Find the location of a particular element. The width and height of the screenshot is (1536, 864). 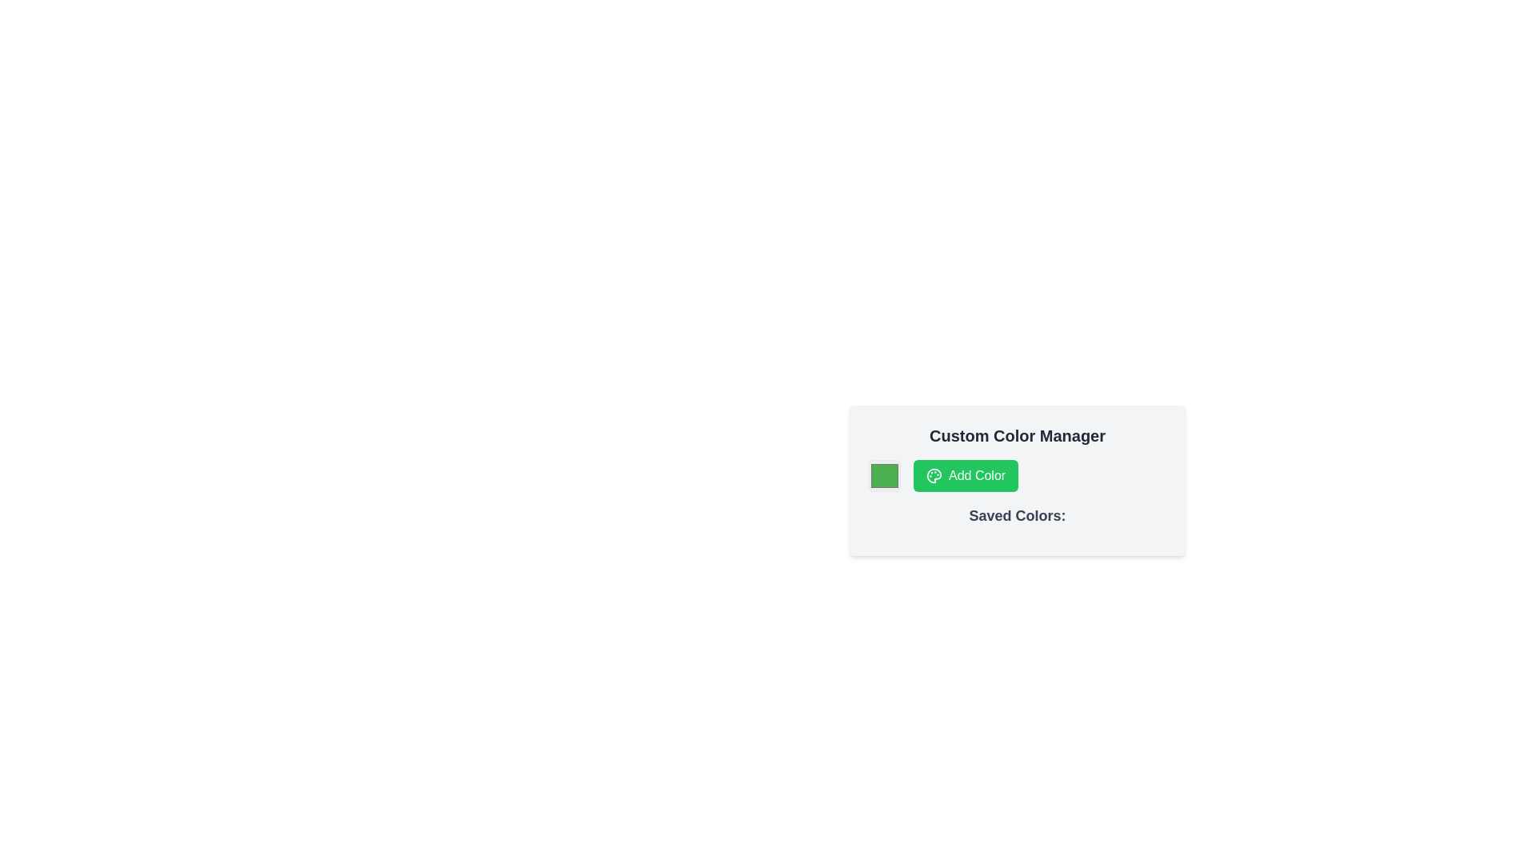

the green 'Add Color' button with rounded corners that is located in the 'Custom Color Manager' section is located at coordinates (1017, 474).